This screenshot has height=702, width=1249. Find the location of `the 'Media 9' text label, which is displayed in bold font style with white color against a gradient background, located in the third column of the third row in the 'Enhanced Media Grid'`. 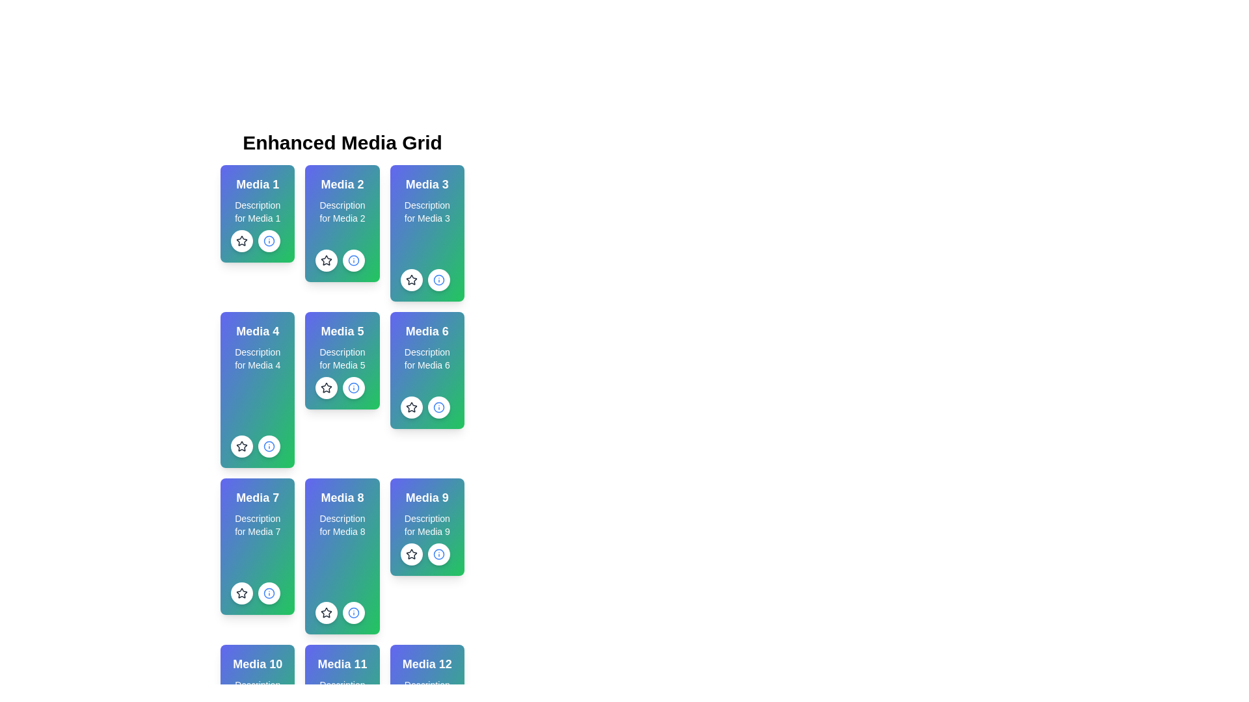

the 'Media 9' text label, which is displayed in bold font style with white color against a gradient background, located in the third column of the third row in the 'Enhanced Media Grid' is located at coordinates (427, 497).